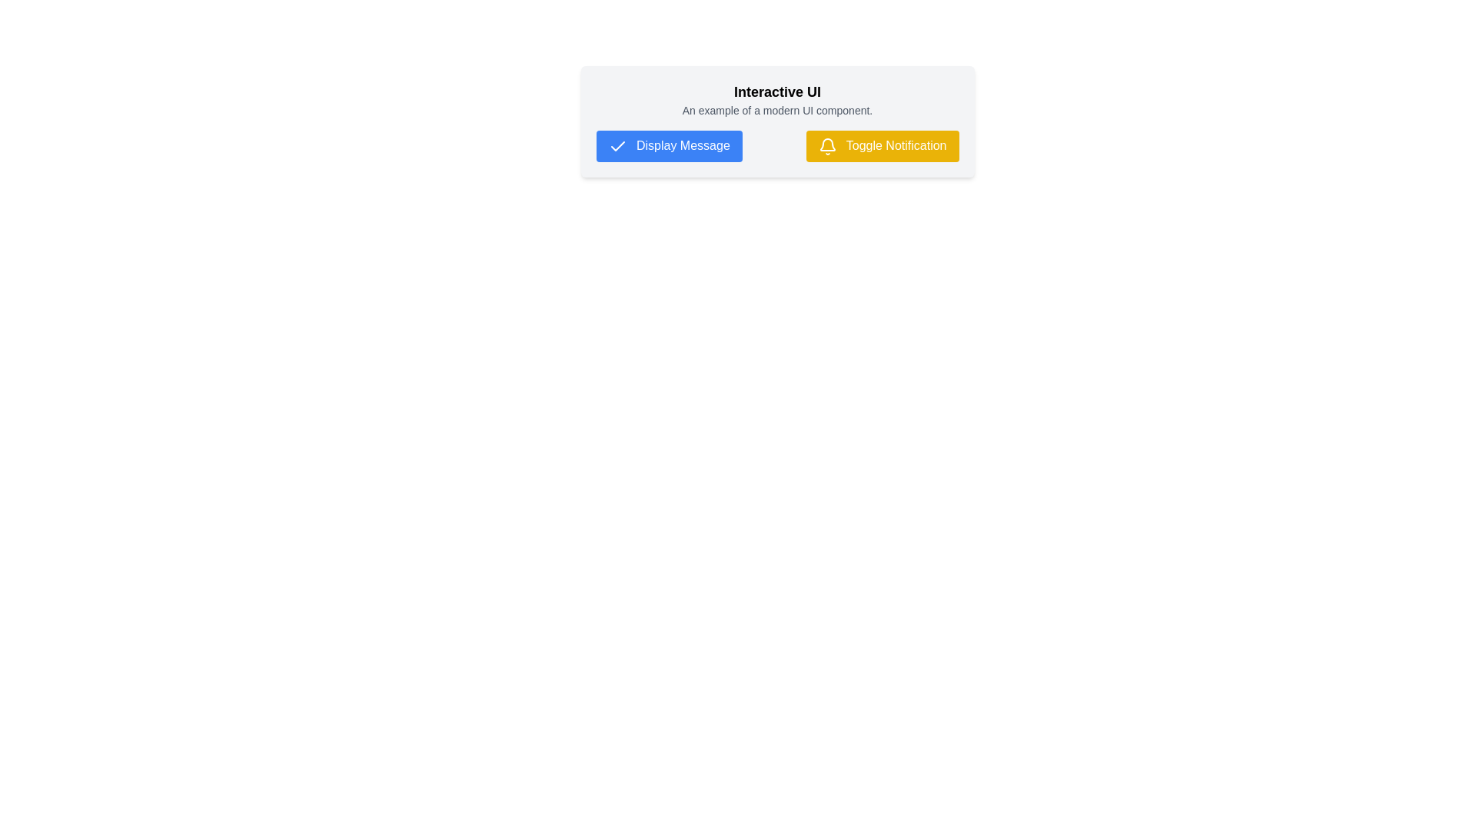  Describe the element at coordinates (617, 146) in the screenshot. I see `checkmark icon located inside the left button labeled 'Display Message', which represents a confirmation or completion symbol` at that location.